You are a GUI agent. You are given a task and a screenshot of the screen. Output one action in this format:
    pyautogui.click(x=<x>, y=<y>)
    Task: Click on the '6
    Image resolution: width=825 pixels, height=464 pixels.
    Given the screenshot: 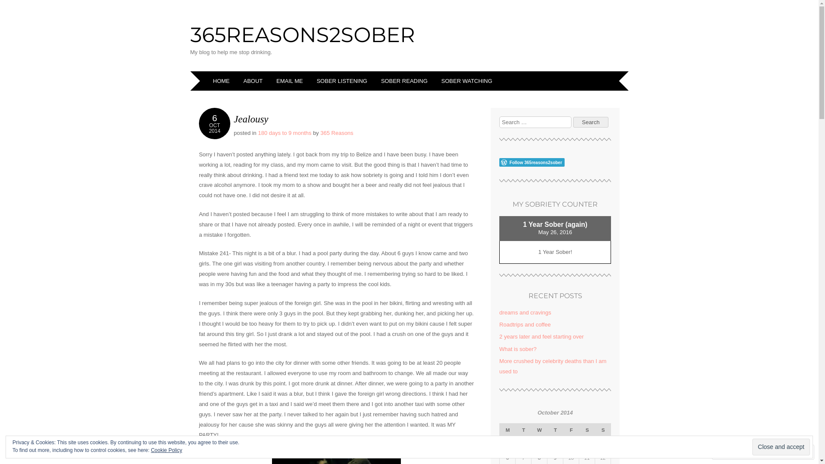 What is the action you would take?
    pyautogui.click(x=214, y=123)
    